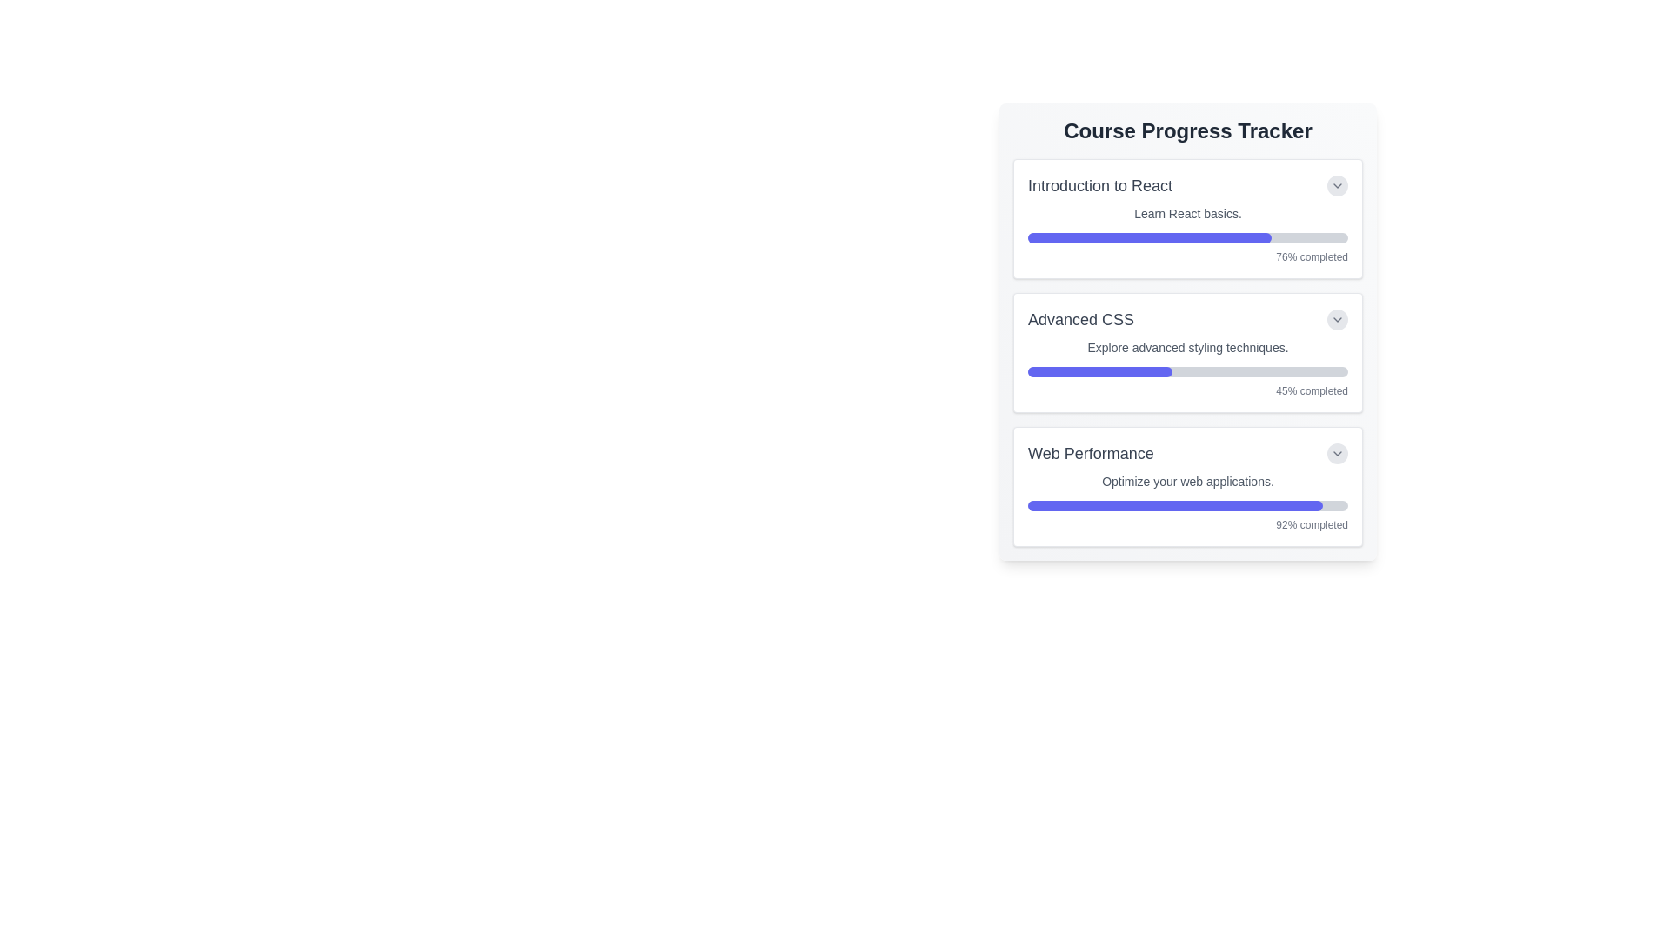  Describe the element at coordinates (1080, 319) in the screenshot. I see `the 'Advanced CSS' text label, which is prominently displayed in gray within the second card of the 'Course Progress Tracker' section, located above the progress bar` at that location.